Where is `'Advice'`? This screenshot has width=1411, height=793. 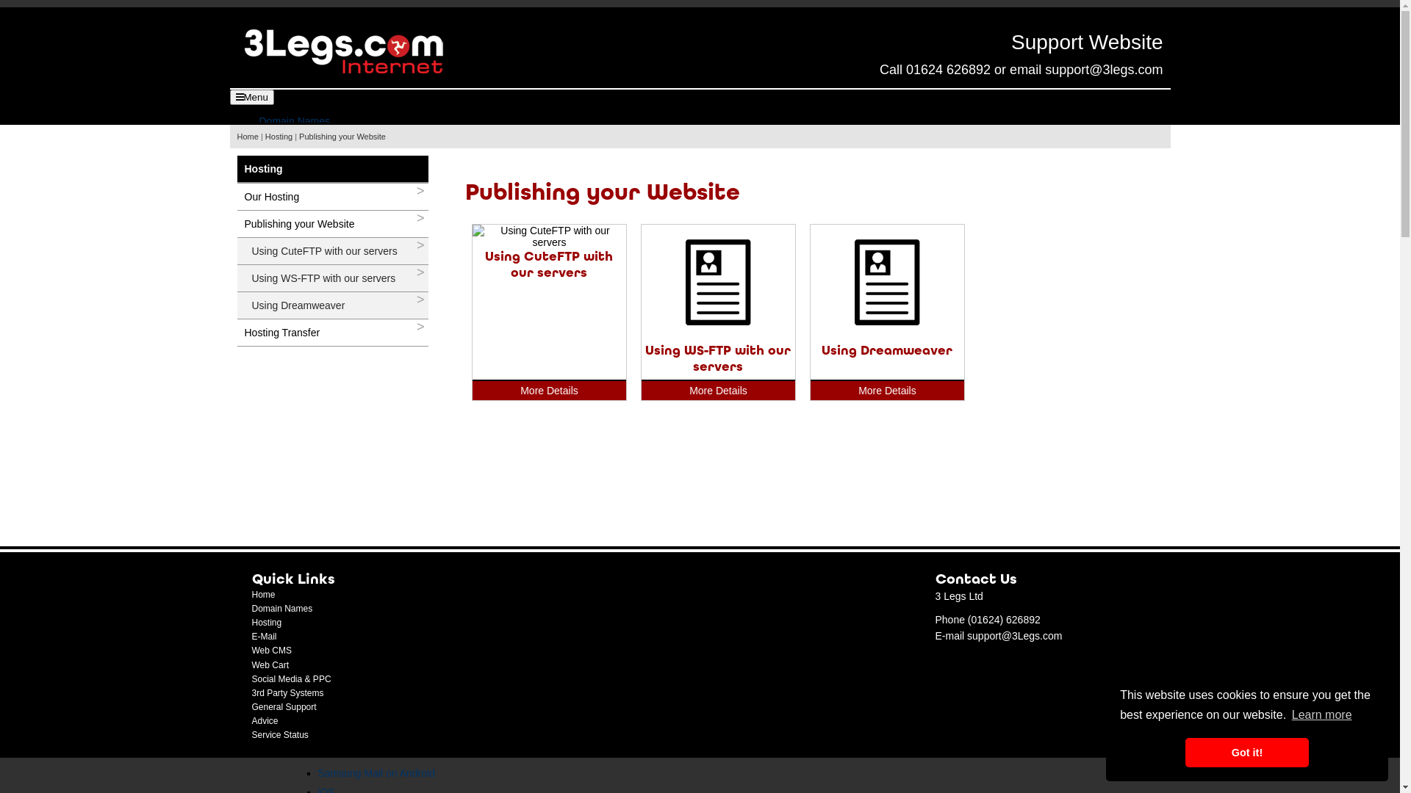
'Advice' is located at coordinates (265, 720).